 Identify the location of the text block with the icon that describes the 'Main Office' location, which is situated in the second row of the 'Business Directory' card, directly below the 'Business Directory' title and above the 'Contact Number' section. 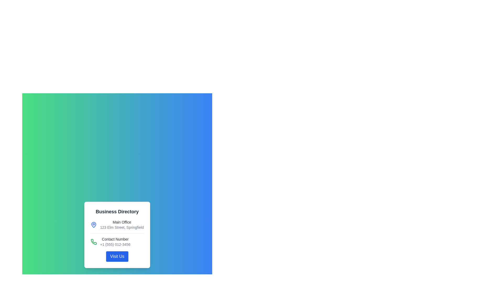
(117, 226).